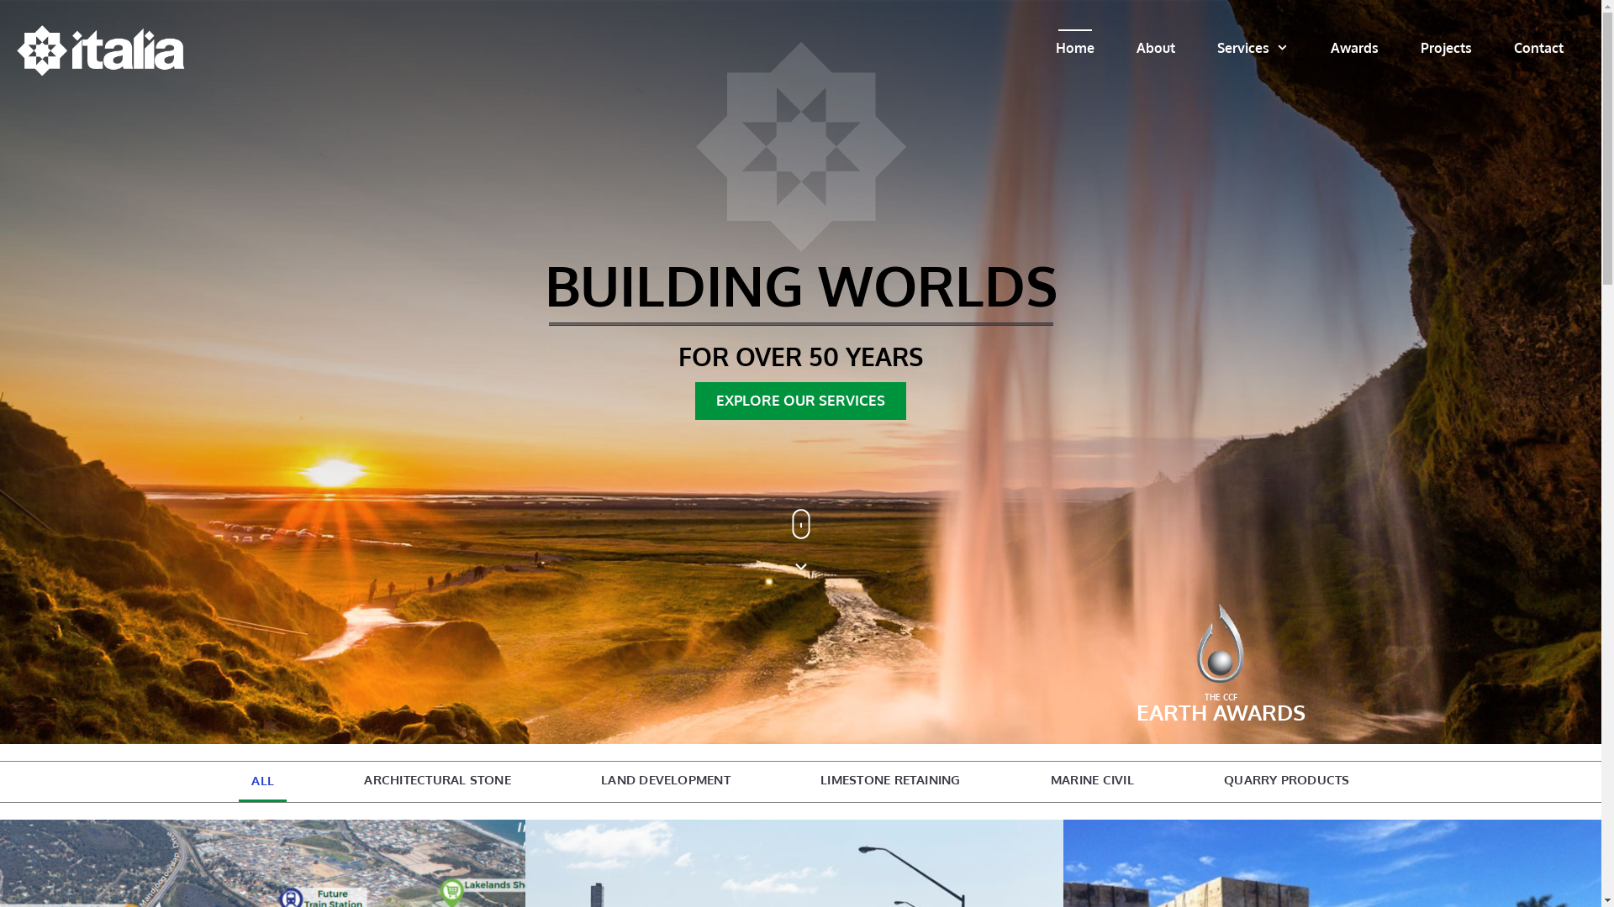 Image resolution: width=1614 pixels, height=907 pixels. Describe the element at coordinates (1538, 47) in the screenshot. I see `'Contact'` at that location.